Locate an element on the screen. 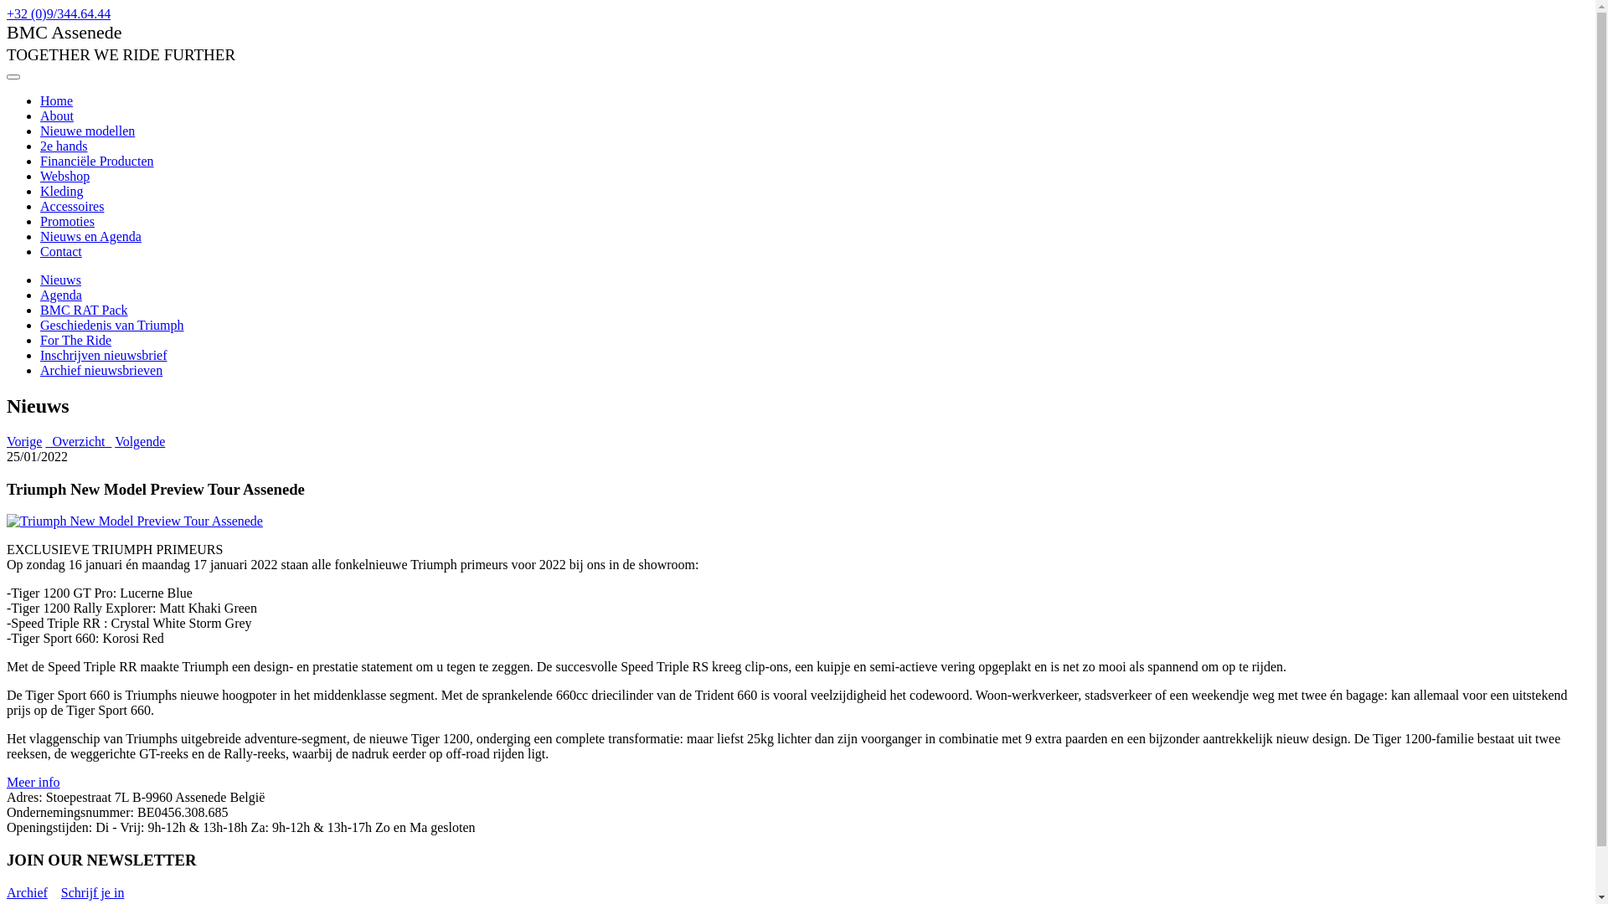 The height and width of the screenshot is (904, 1608). 'Accessoires' is located at coordinates (71, 205).